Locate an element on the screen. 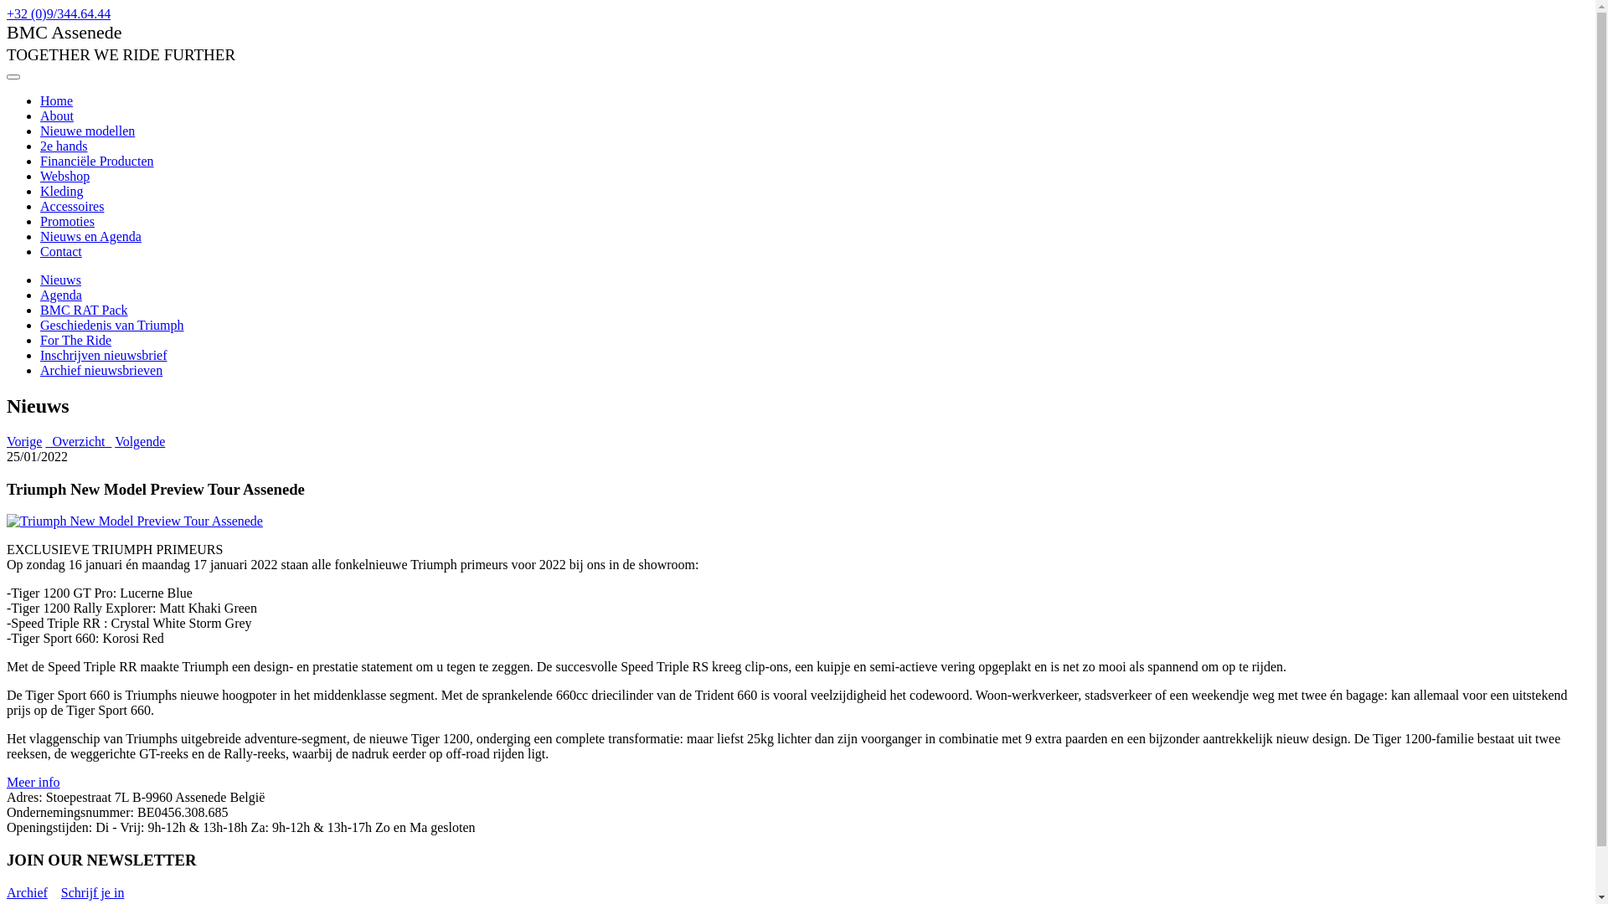 The height and width of the screenshot is (904, 1608). 'Accessoires' is located at coordinates (71, 205).